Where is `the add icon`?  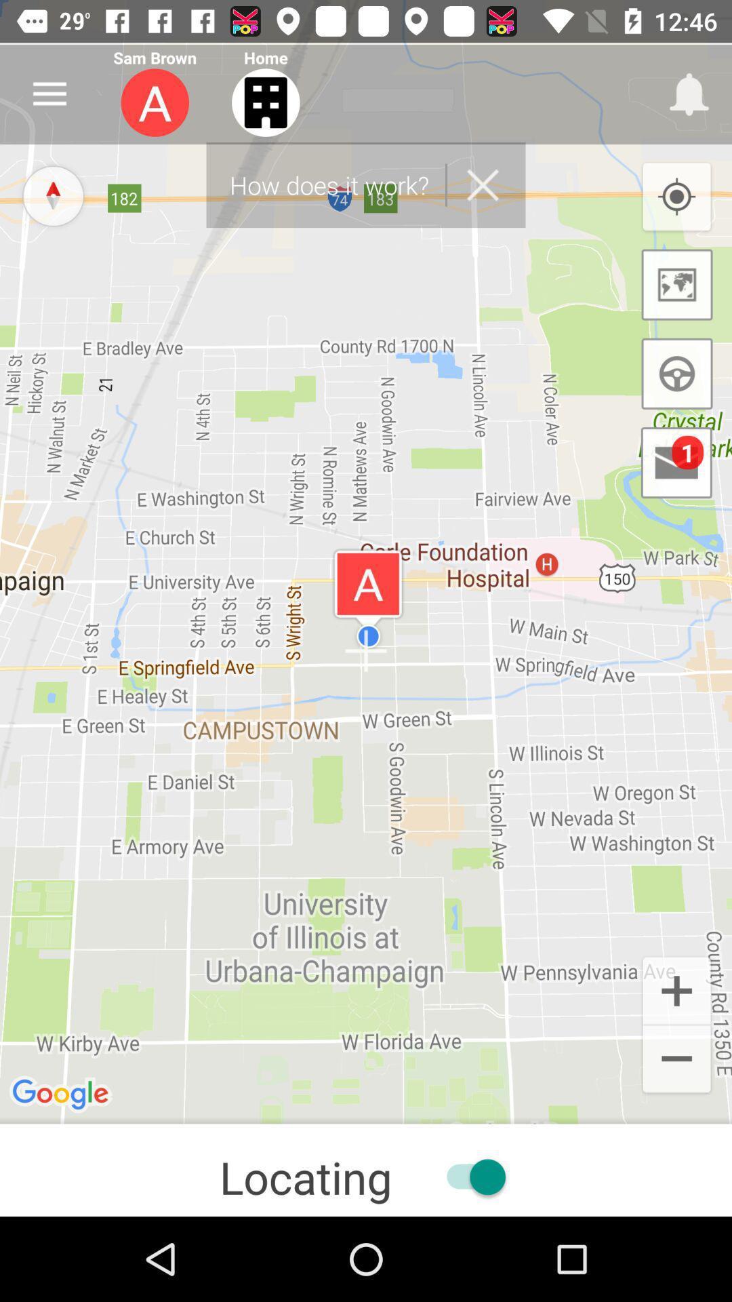
the add icon is located at coordinates (676, 989).